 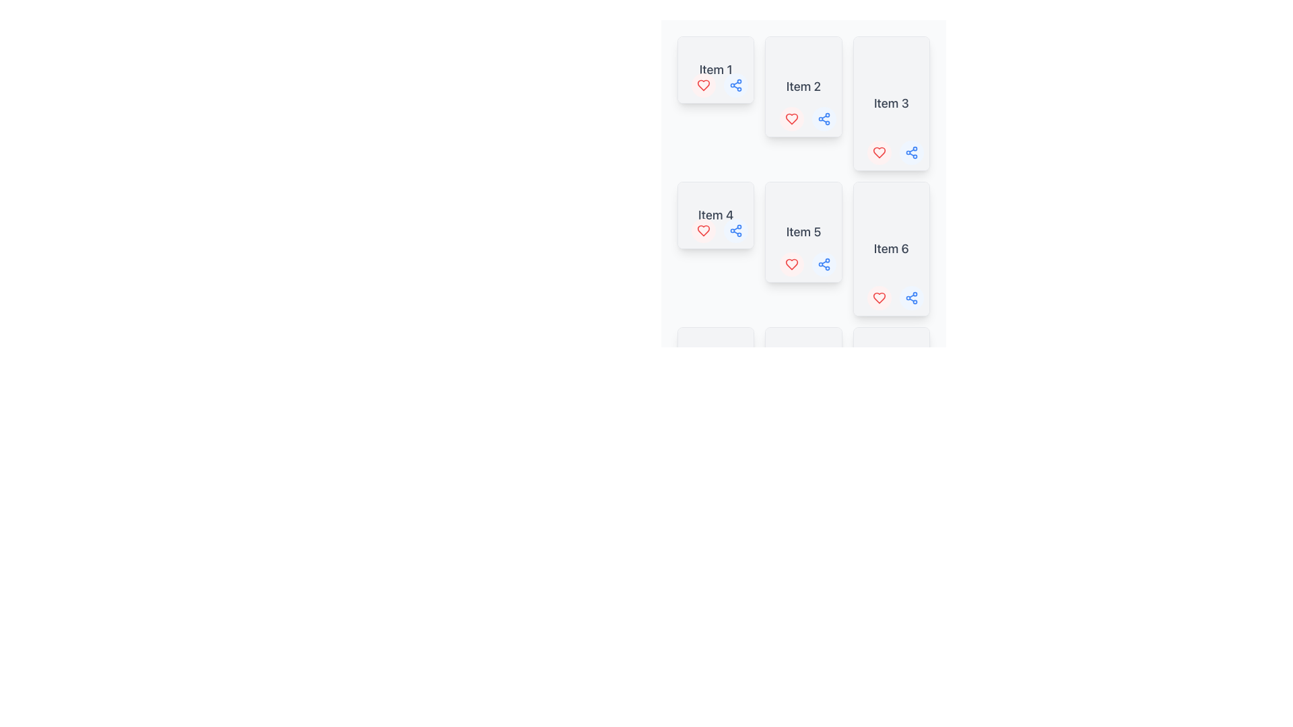 I want to click on text label displaying 'Item 1' in bold gray text located at the top of the first card in the grid layout, so click(x=715, y=70).